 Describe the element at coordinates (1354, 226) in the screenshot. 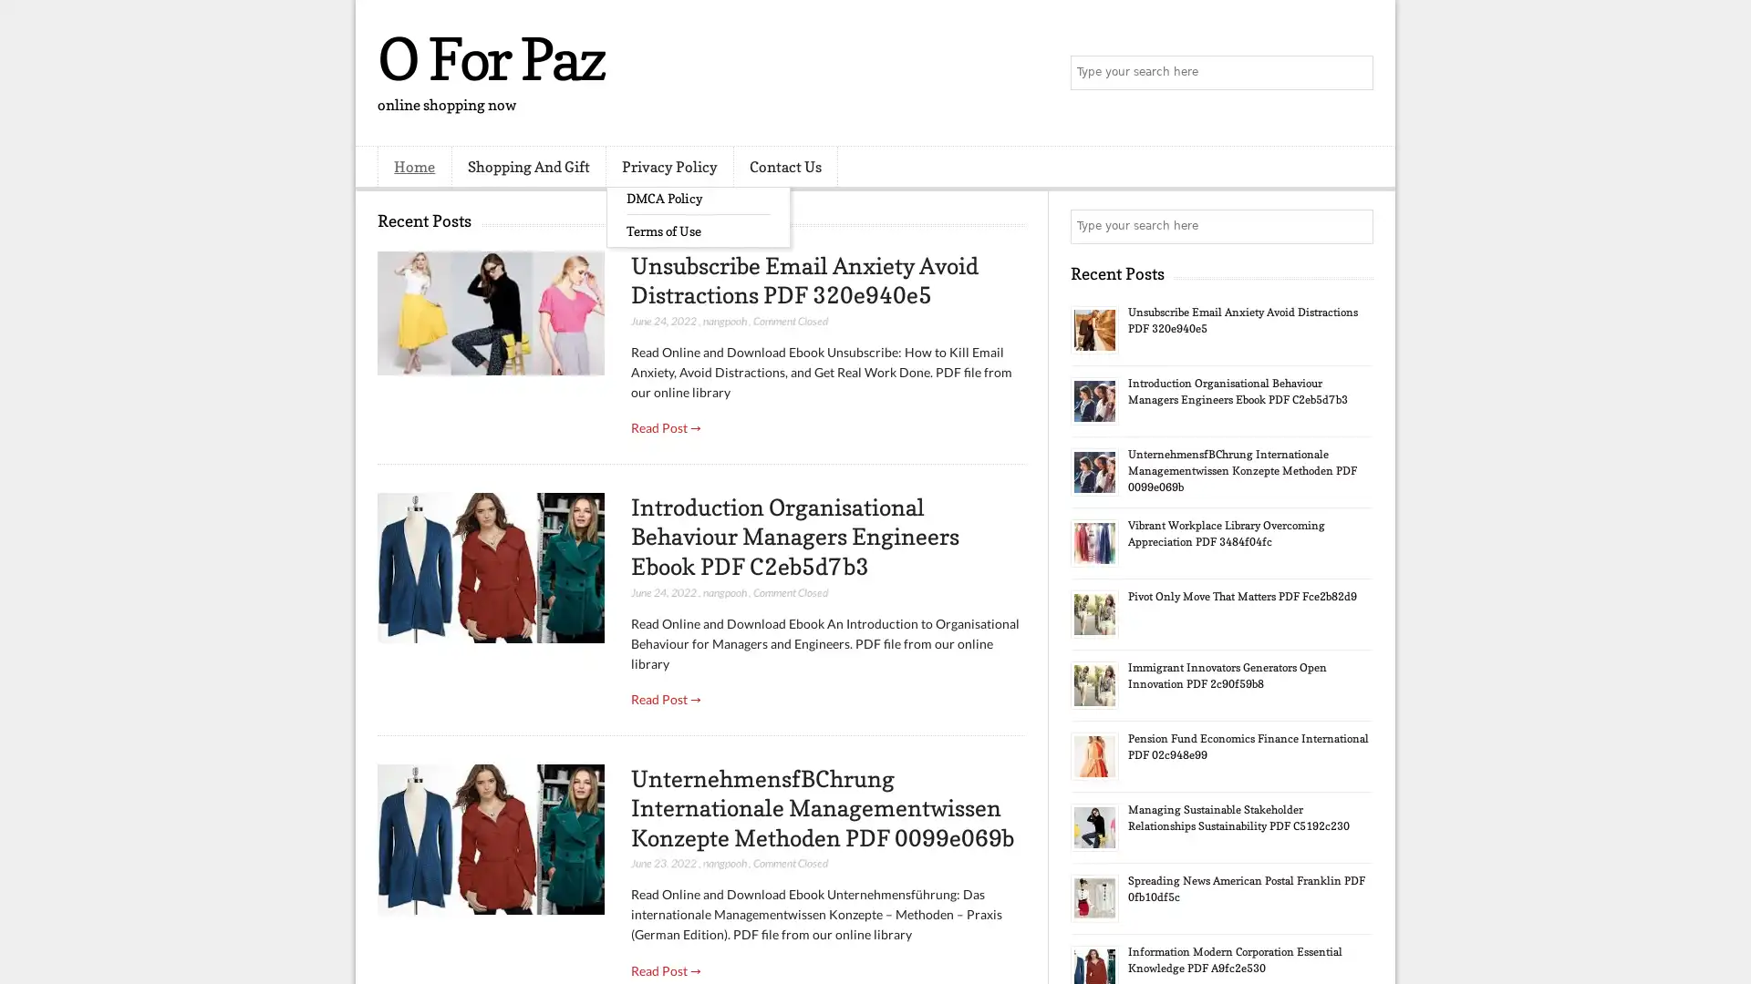

I see `Search` at that location.